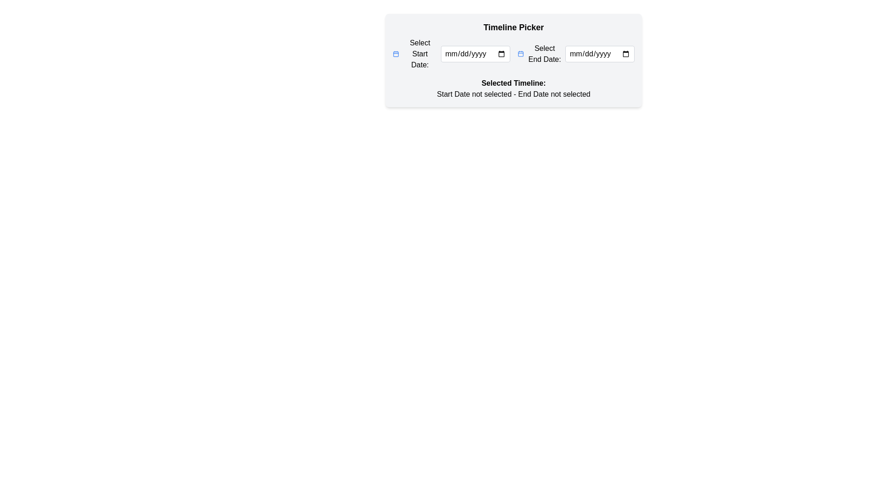  What do you see at coordinates (396, 54) in the screenshot?
I see `the blue SVG calendar icon located to the left of the 'Start Date:' label in the timeline picker section` at bounding box center [396, 54].